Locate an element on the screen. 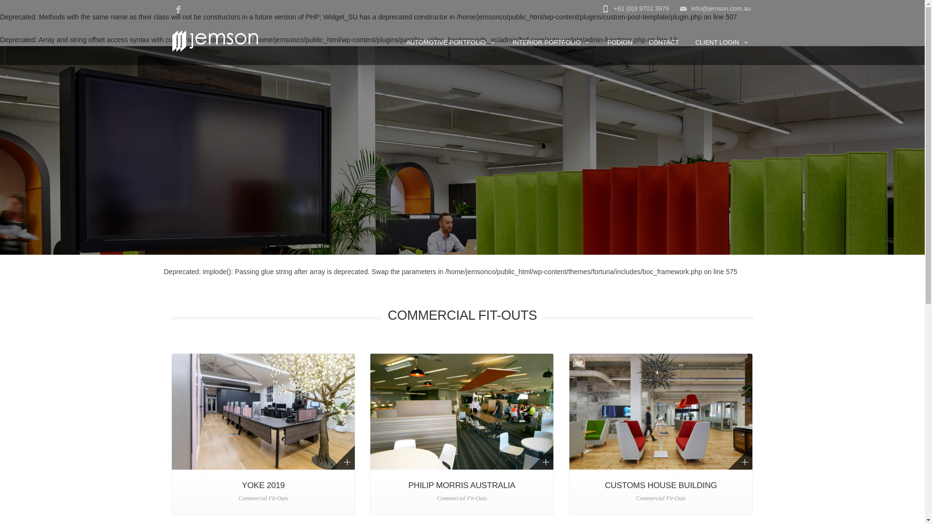 The image size is (932, 524). 'PODION' is located at coordinates (619, 41).